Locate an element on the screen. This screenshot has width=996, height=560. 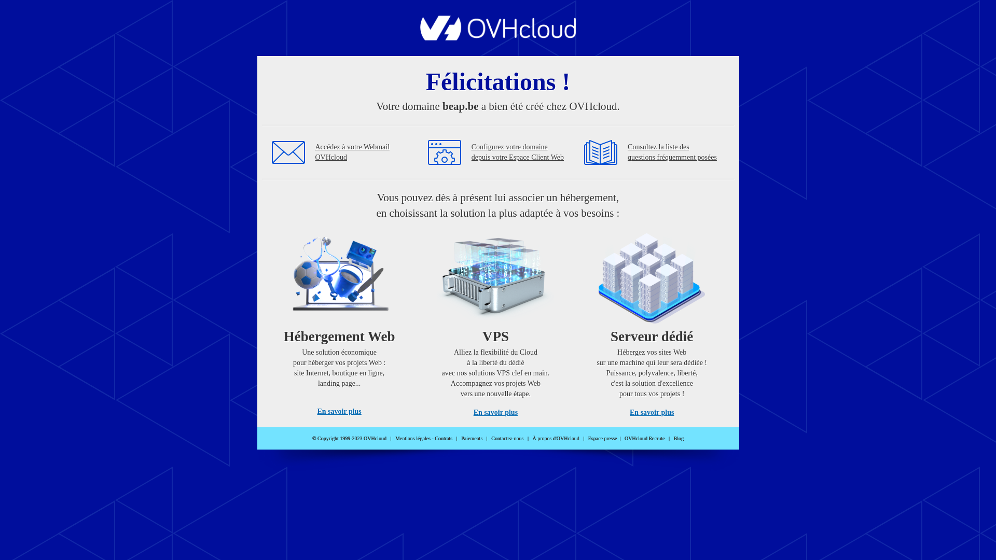
'OVHcloud Recrute' is located at coordinates (644, 438).